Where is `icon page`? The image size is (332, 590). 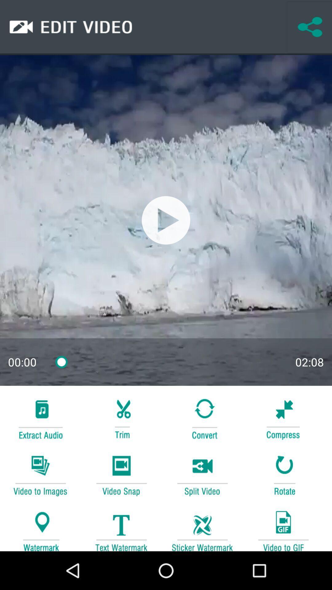 icon page is located at coordinates (283, 418).